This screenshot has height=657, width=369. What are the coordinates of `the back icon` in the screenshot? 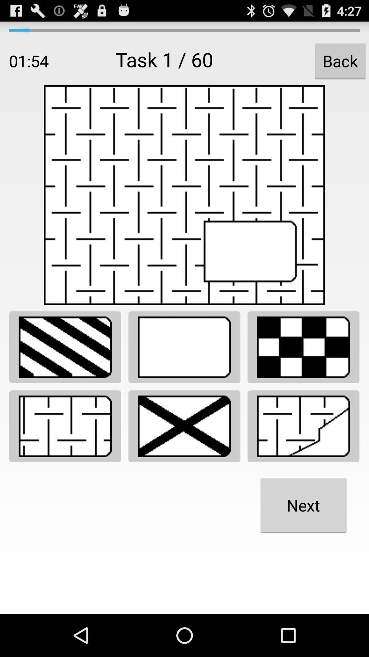 It's located at (340, 61).